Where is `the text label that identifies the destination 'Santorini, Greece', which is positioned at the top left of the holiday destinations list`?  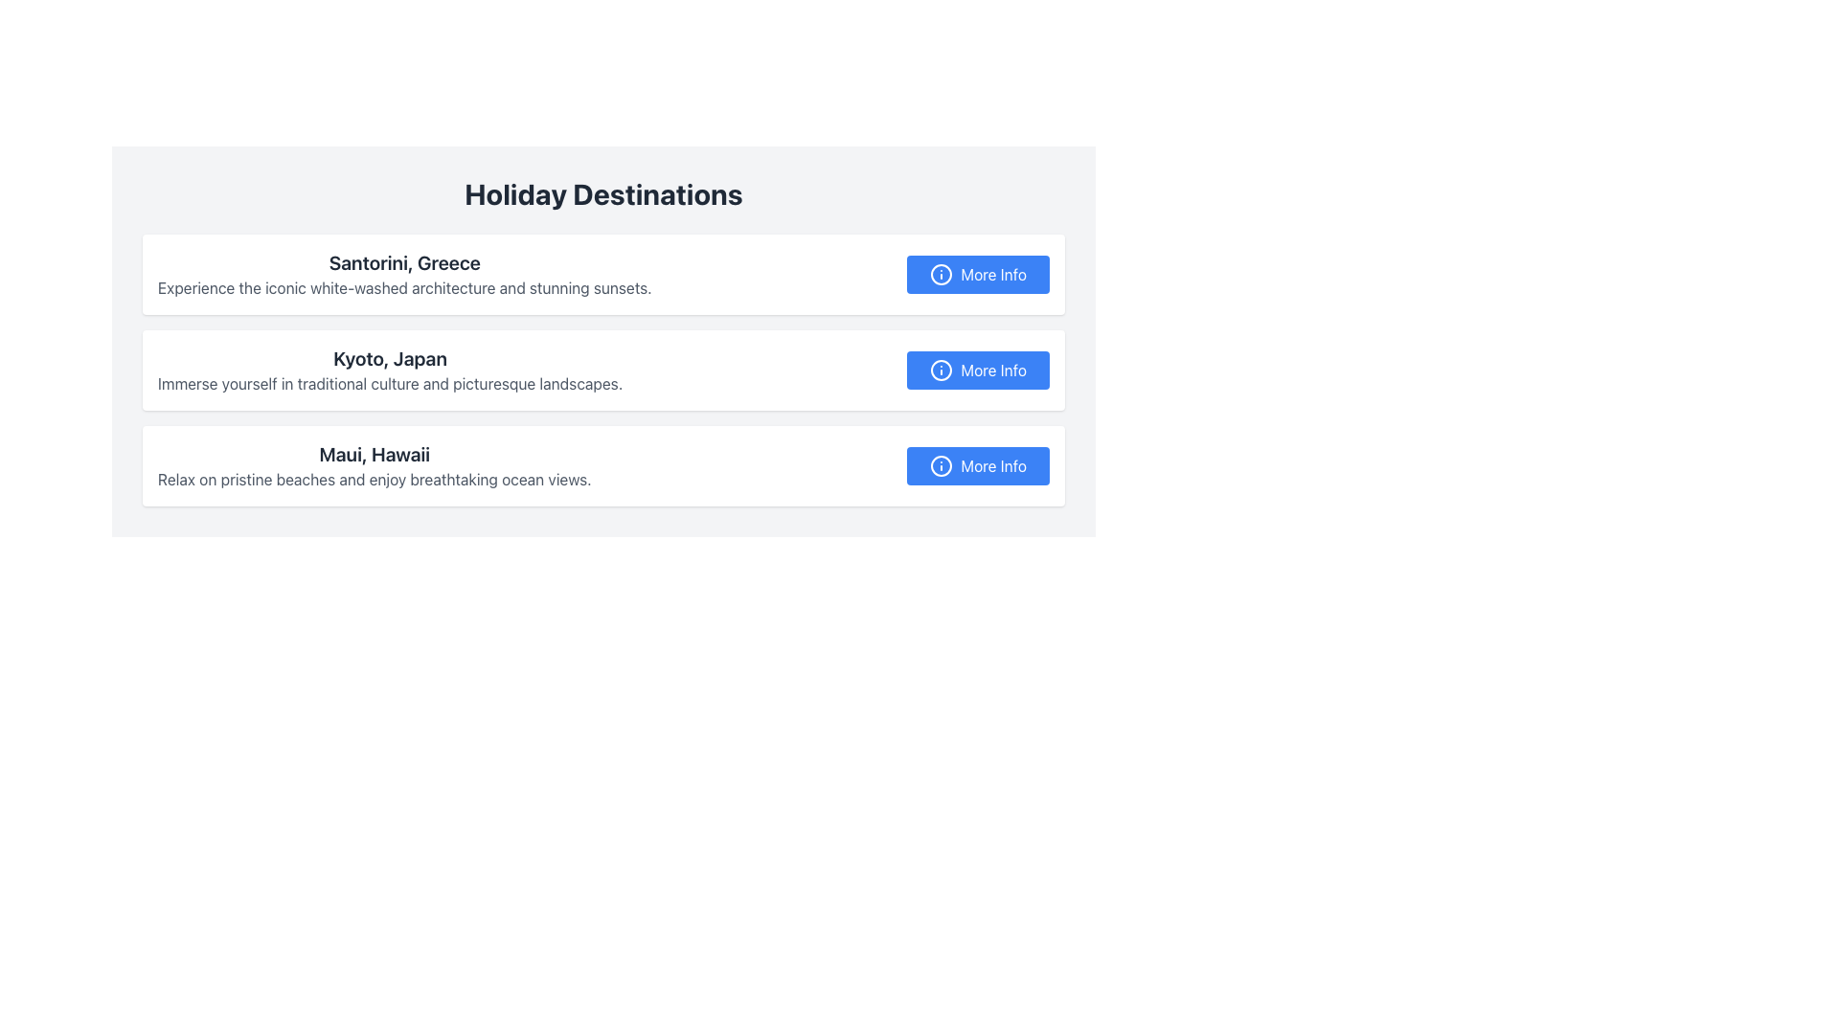 the text label that identifies the destination 'Santorini, Greece', which is positioned at the top left of the holiday destinations list is located at coordinates (403, 262).